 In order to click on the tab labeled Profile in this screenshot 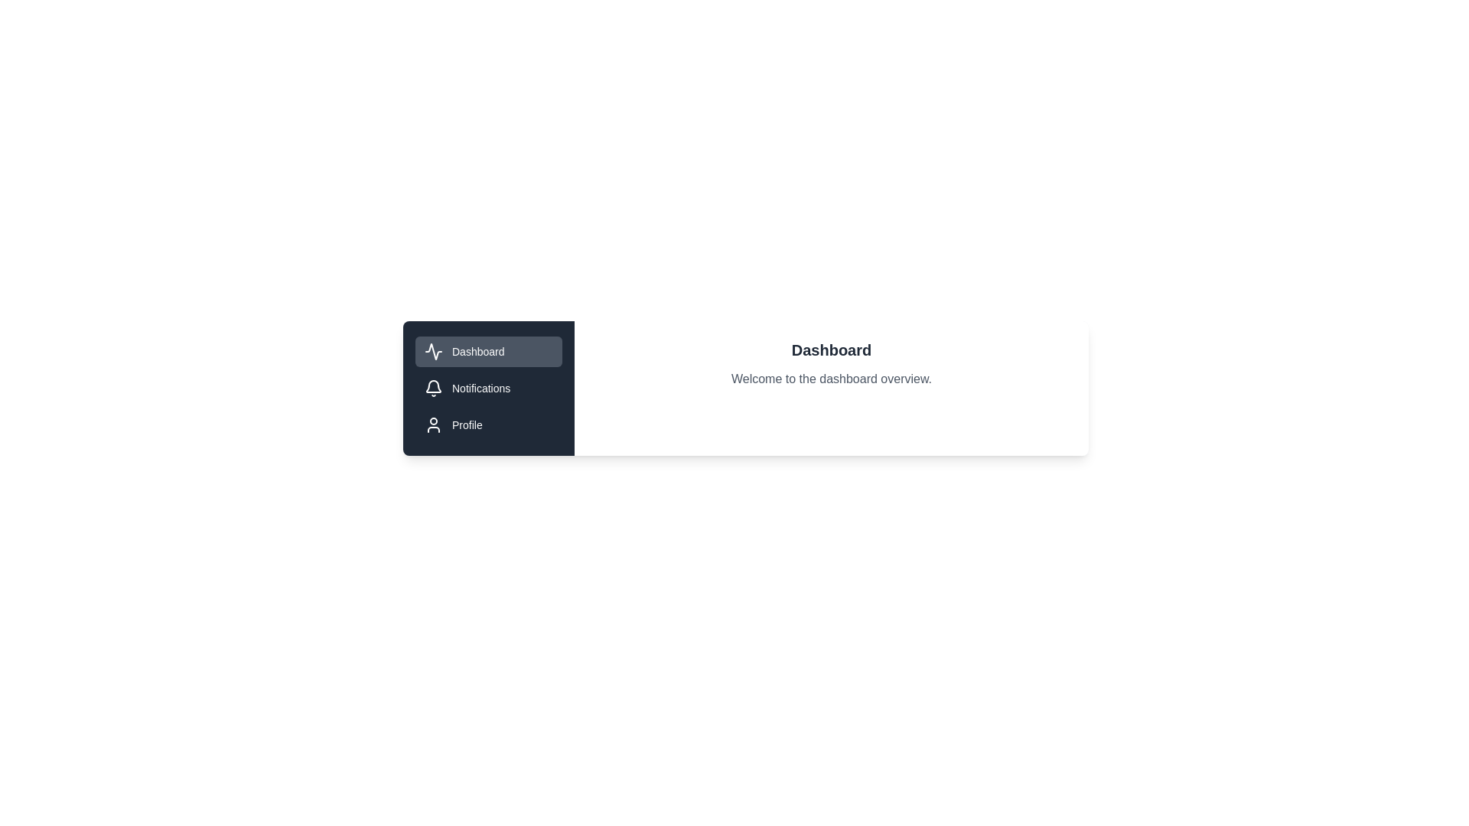, I will do `click(487, 424)`.